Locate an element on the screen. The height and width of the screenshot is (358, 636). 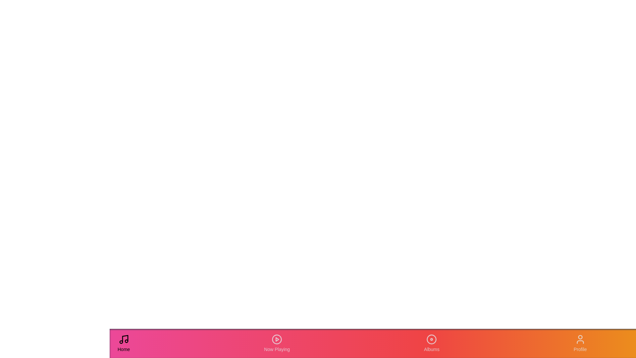
the 'Albums' tab to navigate to the Albums section is located at coordinates (431, 343).